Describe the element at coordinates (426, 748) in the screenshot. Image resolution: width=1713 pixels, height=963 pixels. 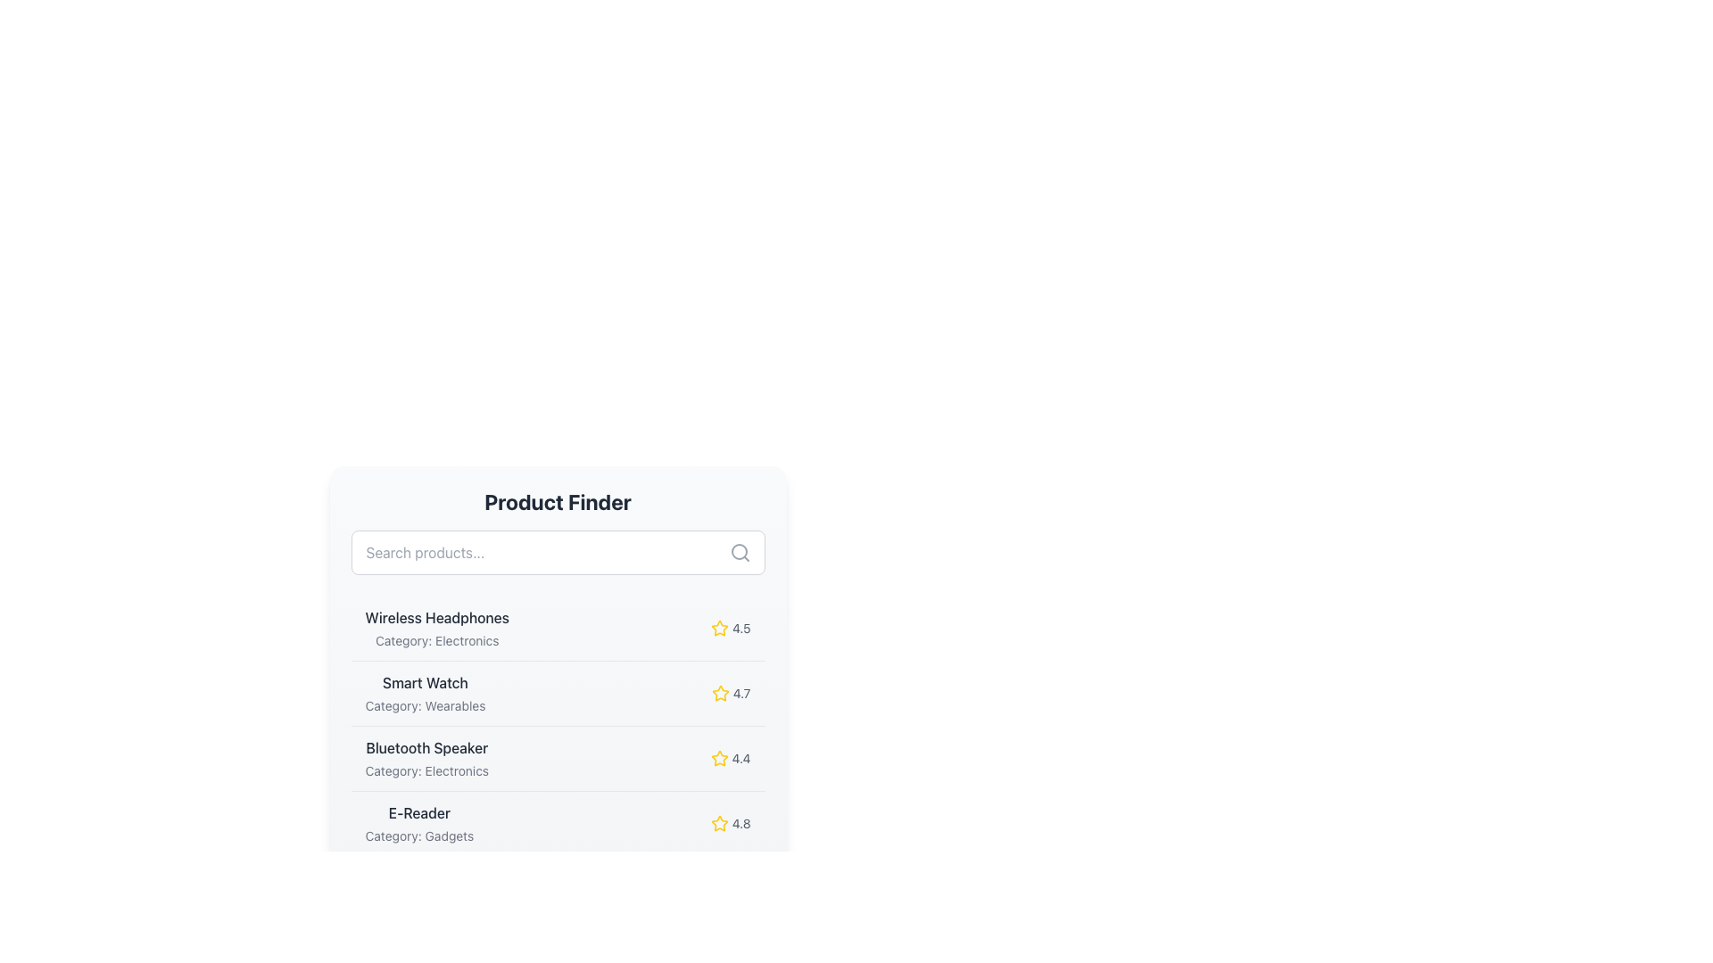
I see `the 'Bluetooth Speaker' text label, which is displayed in bold dark gray font as the title of a list item in the 'Product Finder' interface` at that location.